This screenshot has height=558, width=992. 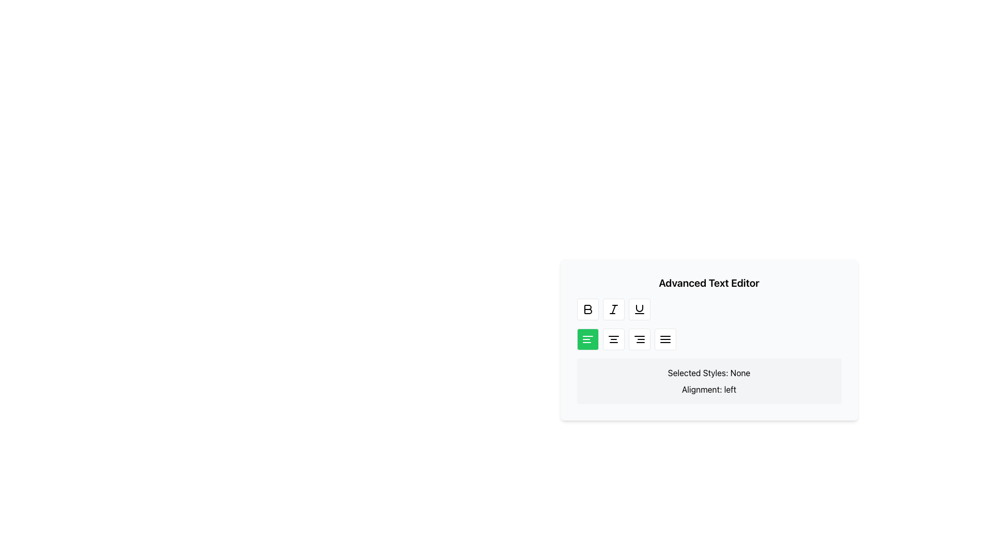 What do you see at coordinates (639, 308) in the screenshot?
I see `the underline button, which is the third button in the button toolbar of the 'Advanced Text Editor', to apply underline styling to the selected text` at bounding box center [639, 308].